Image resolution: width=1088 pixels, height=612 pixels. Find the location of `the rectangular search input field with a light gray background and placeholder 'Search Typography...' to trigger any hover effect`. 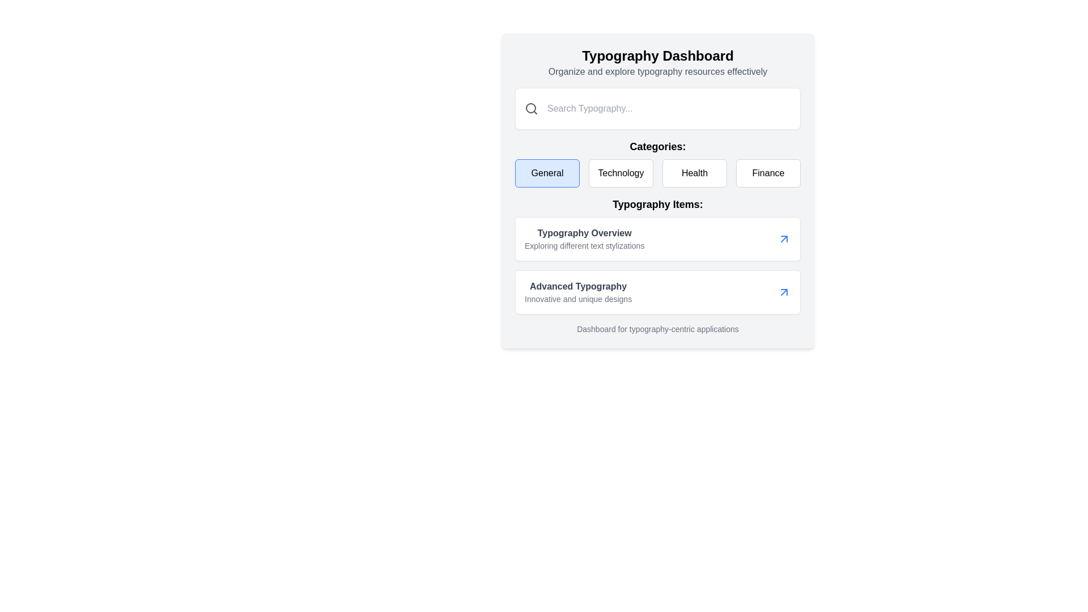

the rectangular search input field with a light gray background and placeholder 'Search Typography...' to trigger any hover effect is located at coordinates (666, 109).